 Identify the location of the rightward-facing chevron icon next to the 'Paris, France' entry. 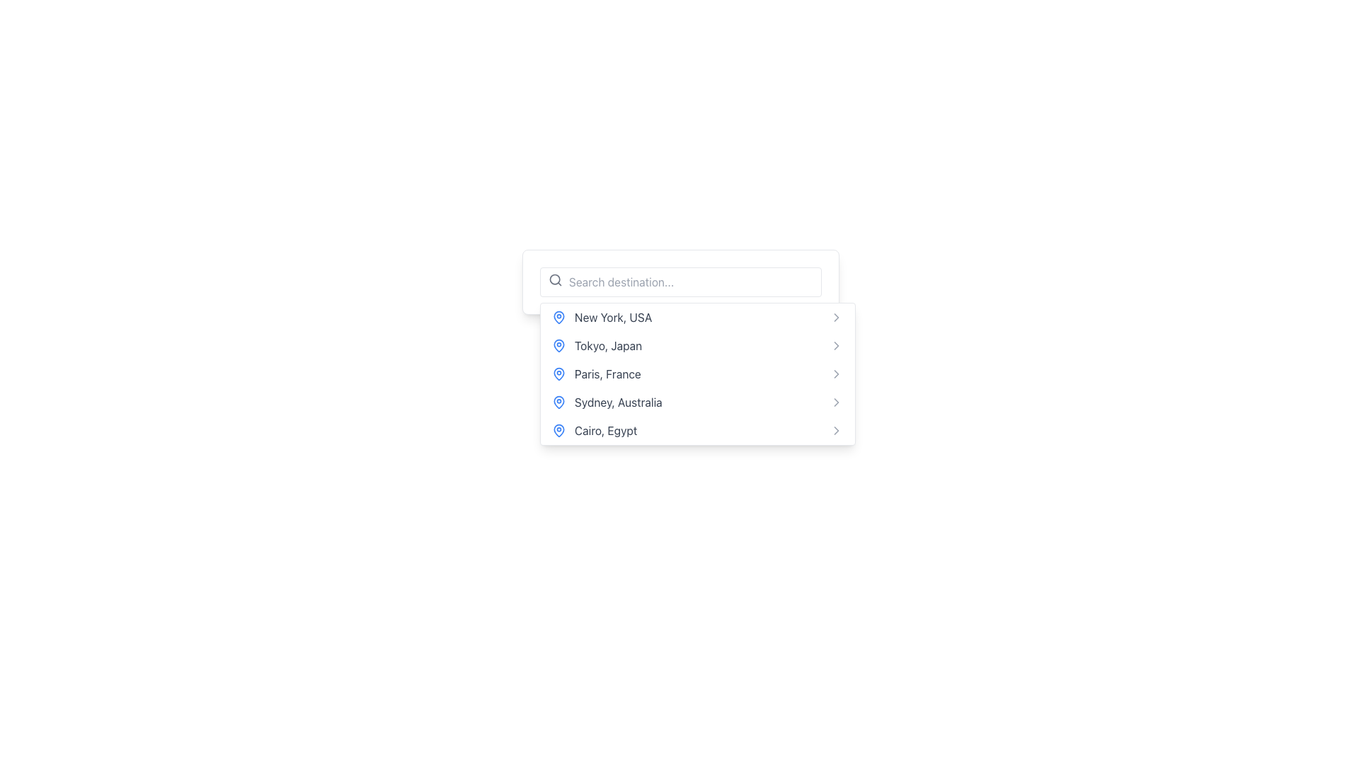
(836, 373).